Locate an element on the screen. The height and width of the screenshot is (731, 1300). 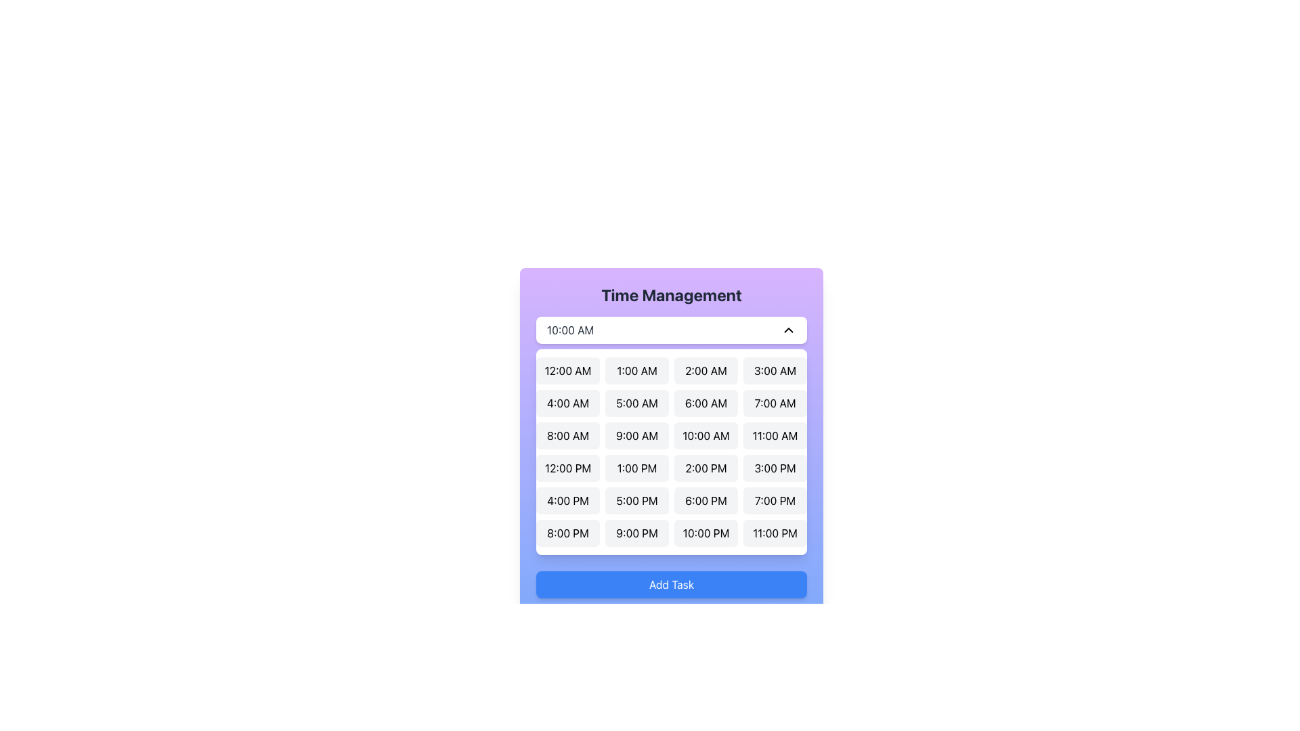
the '12:00 PM' time slot button in the grid layout is located at coordinates (568, 467).